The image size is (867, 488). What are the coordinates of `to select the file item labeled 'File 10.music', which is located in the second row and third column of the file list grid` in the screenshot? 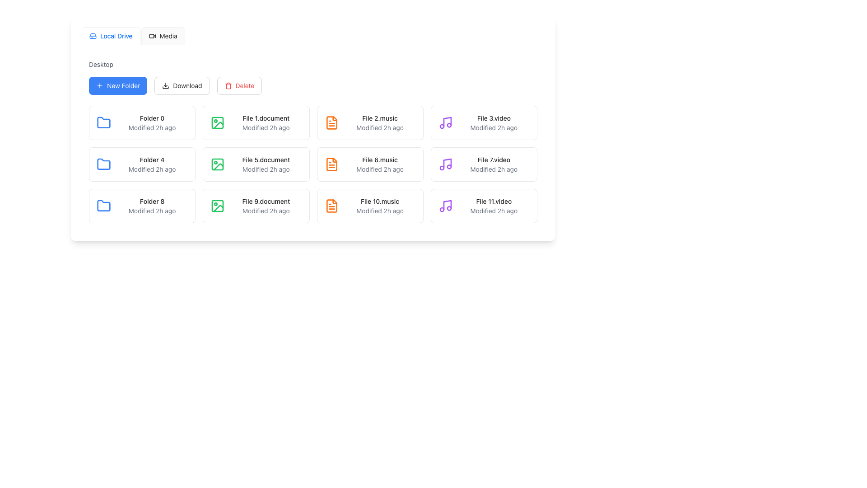 It's located at (370, 206).